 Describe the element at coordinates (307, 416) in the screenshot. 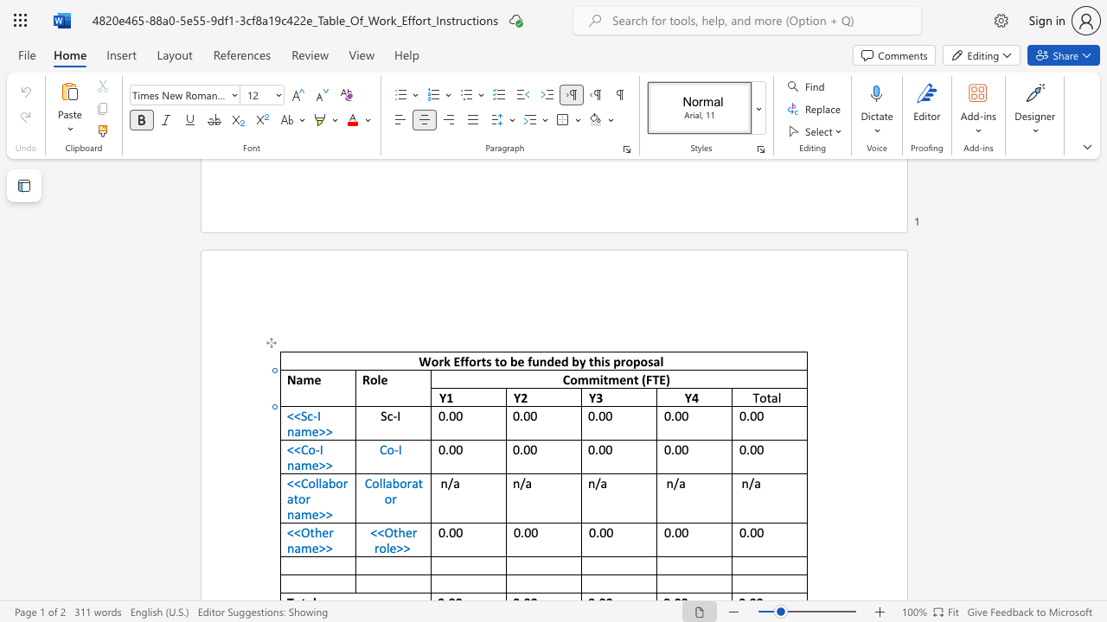

I see `the space between the continuous character "S" and "c" in the text` at that location.